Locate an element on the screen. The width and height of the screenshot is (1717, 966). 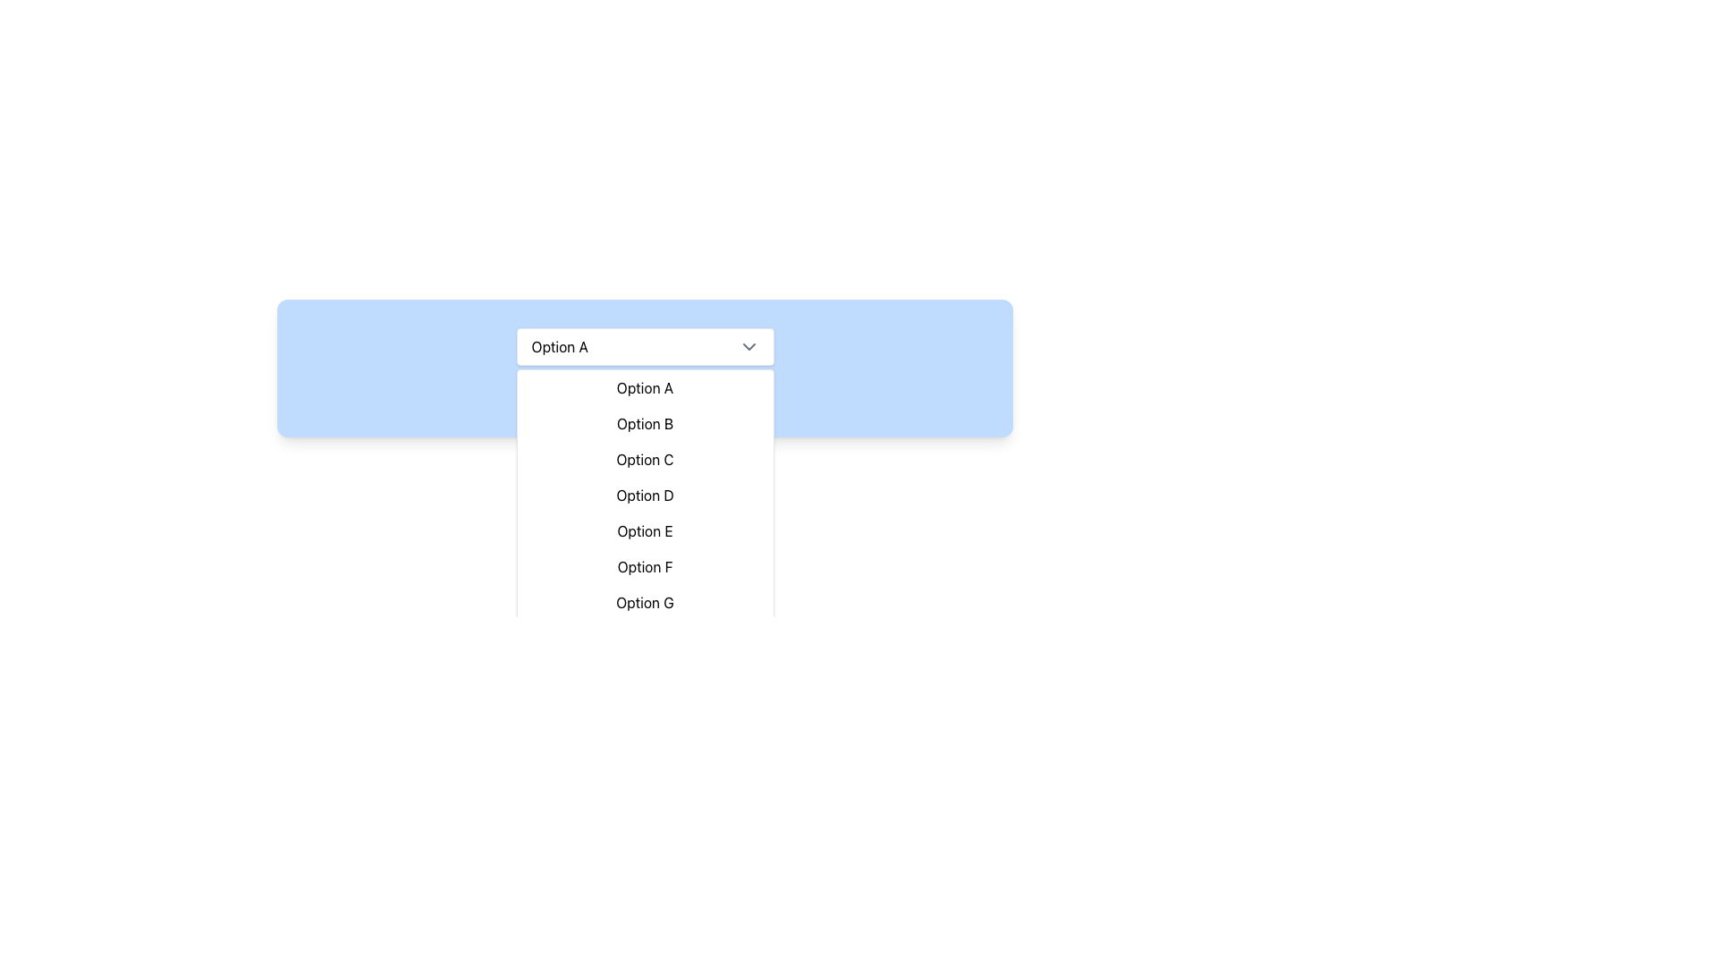
the first option in the dropdown menu is located at coordinates (644, 387).